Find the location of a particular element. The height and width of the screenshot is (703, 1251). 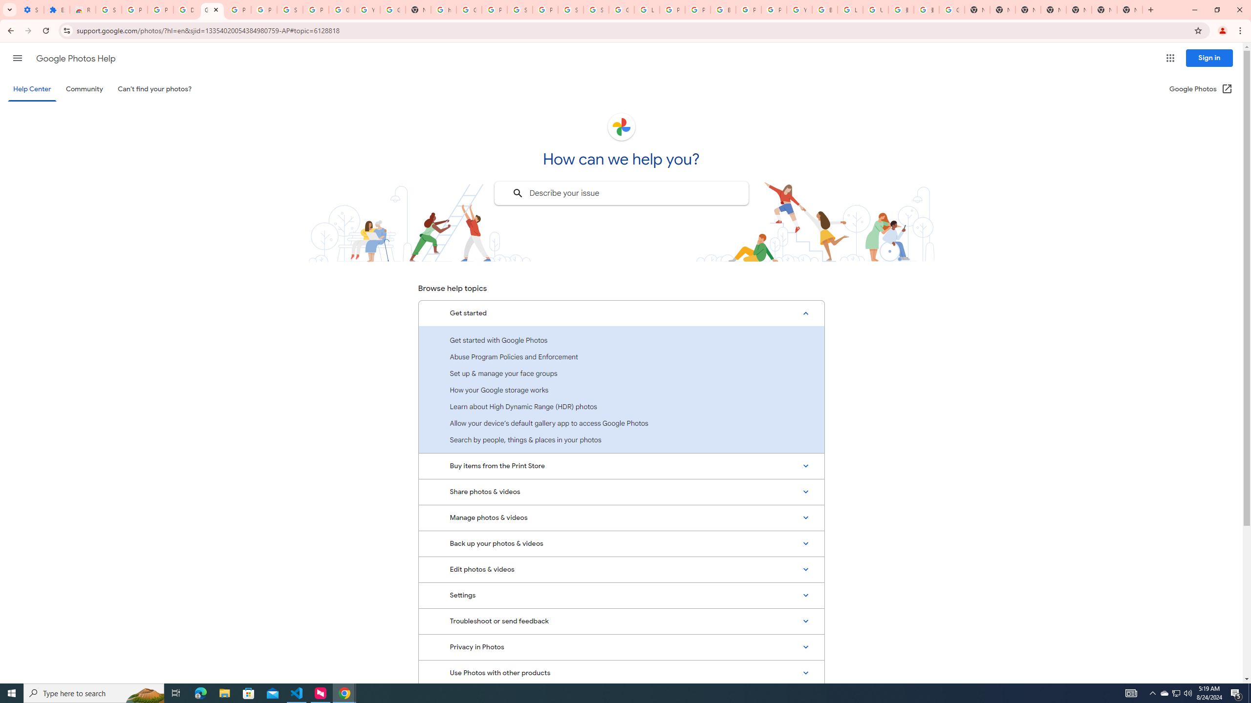

'Privacy in Photos' is located at coordinates (621, 647).